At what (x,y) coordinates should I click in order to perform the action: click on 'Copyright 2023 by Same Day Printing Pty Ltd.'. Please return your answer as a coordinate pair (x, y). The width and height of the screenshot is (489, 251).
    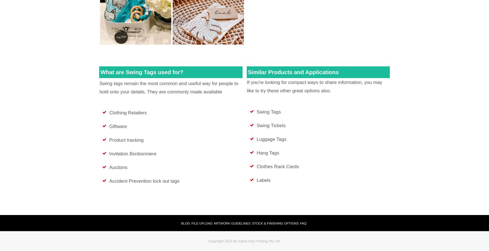
    Looking at the image, I should click on (244, 241).